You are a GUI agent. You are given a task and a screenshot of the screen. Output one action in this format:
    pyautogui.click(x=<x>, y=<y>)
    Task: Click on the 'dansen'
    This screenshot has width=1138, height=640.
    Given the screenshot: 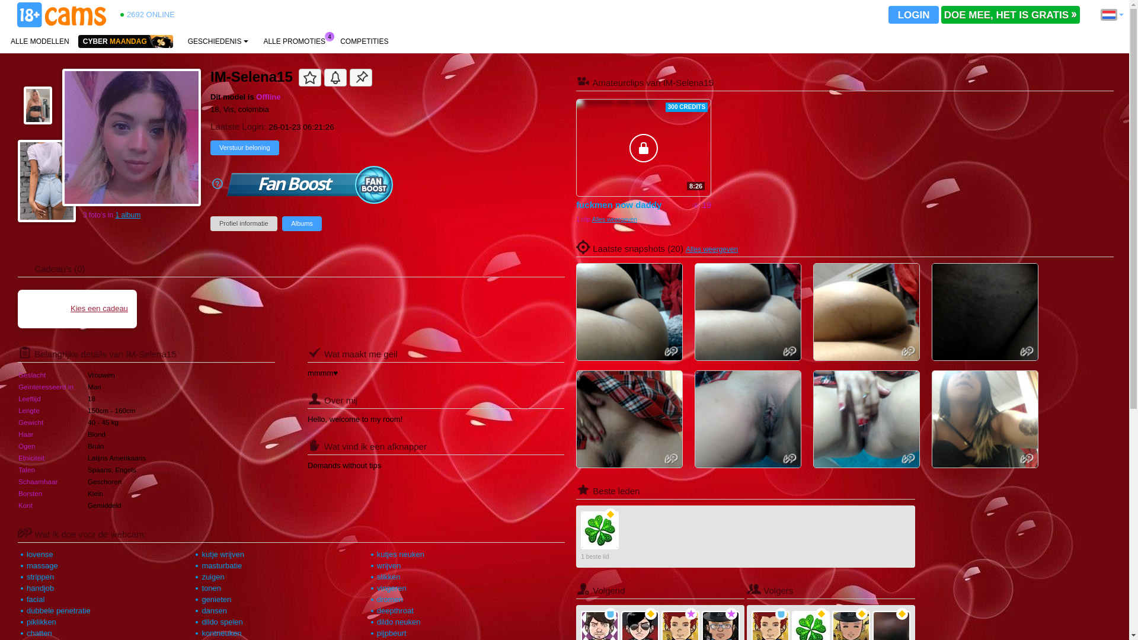 What is the action you would take?
    pyautogui.click(x=214, y=610)
    